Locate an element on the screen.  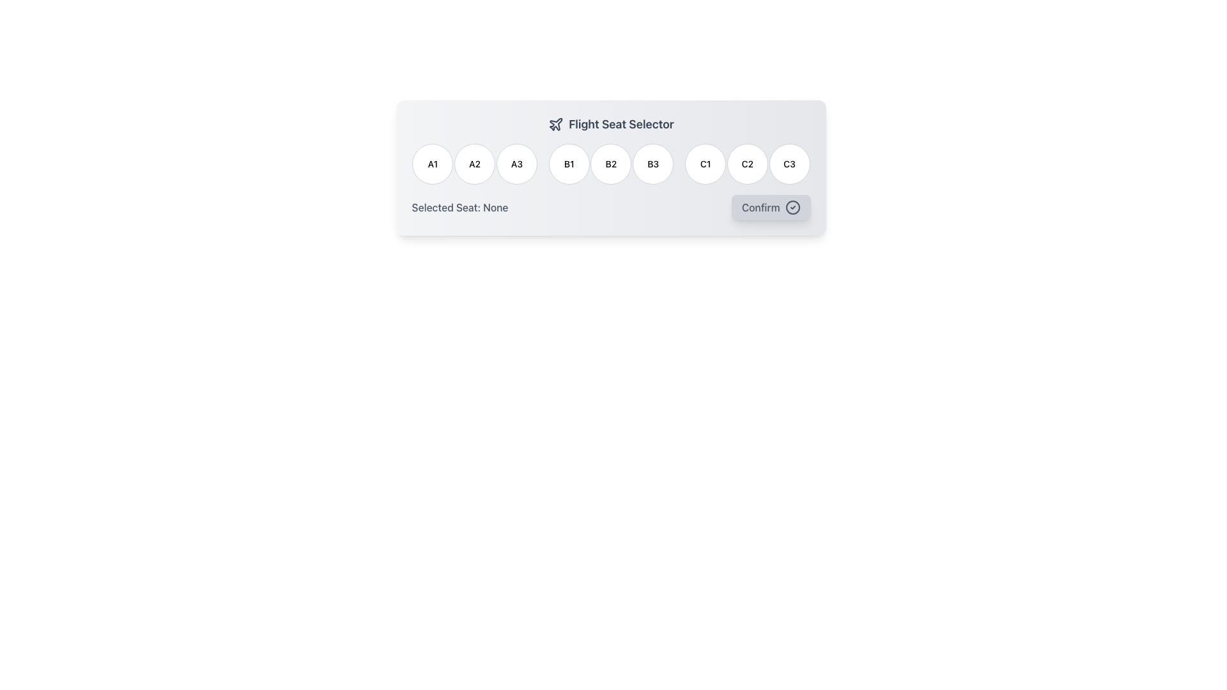
the selectable button labeled B2 in the flight seat selection interface is located at coordinates (610, 164).